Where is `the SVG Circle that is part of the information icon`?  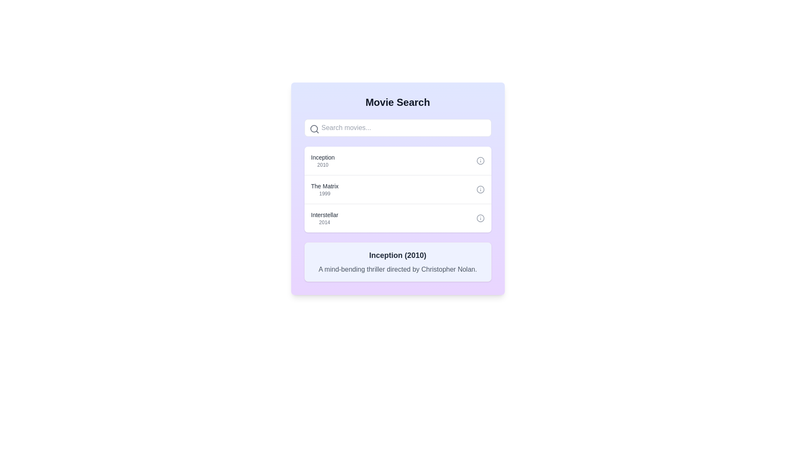 the SVG Circle that is part of the information icon is located at coordinates (480, 160).